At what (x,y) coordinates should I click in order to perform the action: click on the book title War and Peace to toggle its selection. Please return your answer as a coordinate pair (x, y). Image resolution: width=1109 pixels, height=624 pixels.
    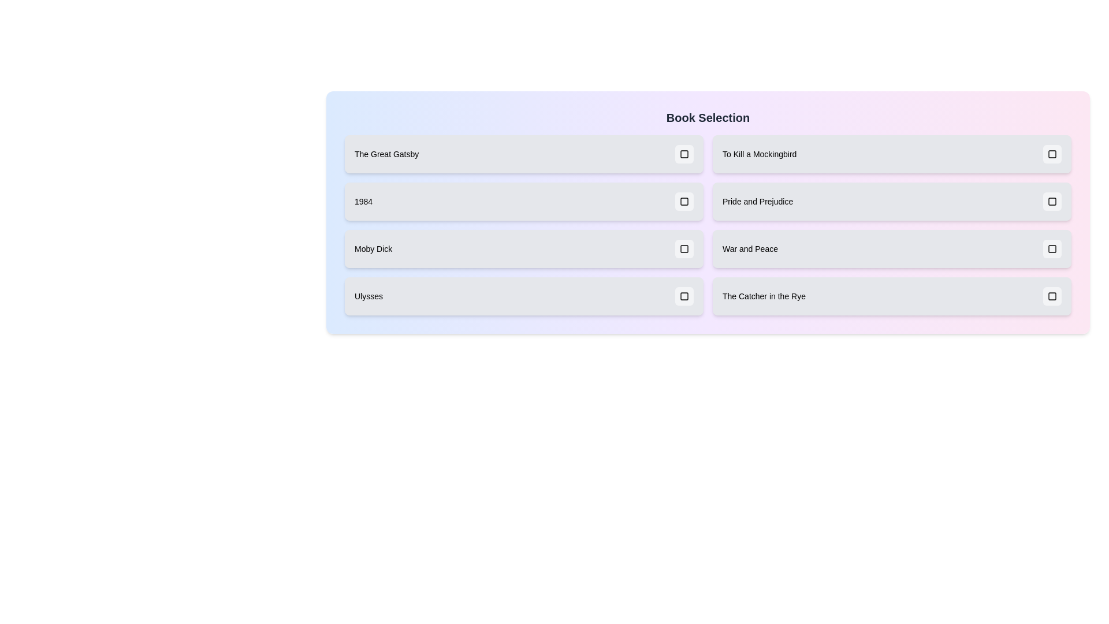
    Looking at the image, I should click on (891, 248).